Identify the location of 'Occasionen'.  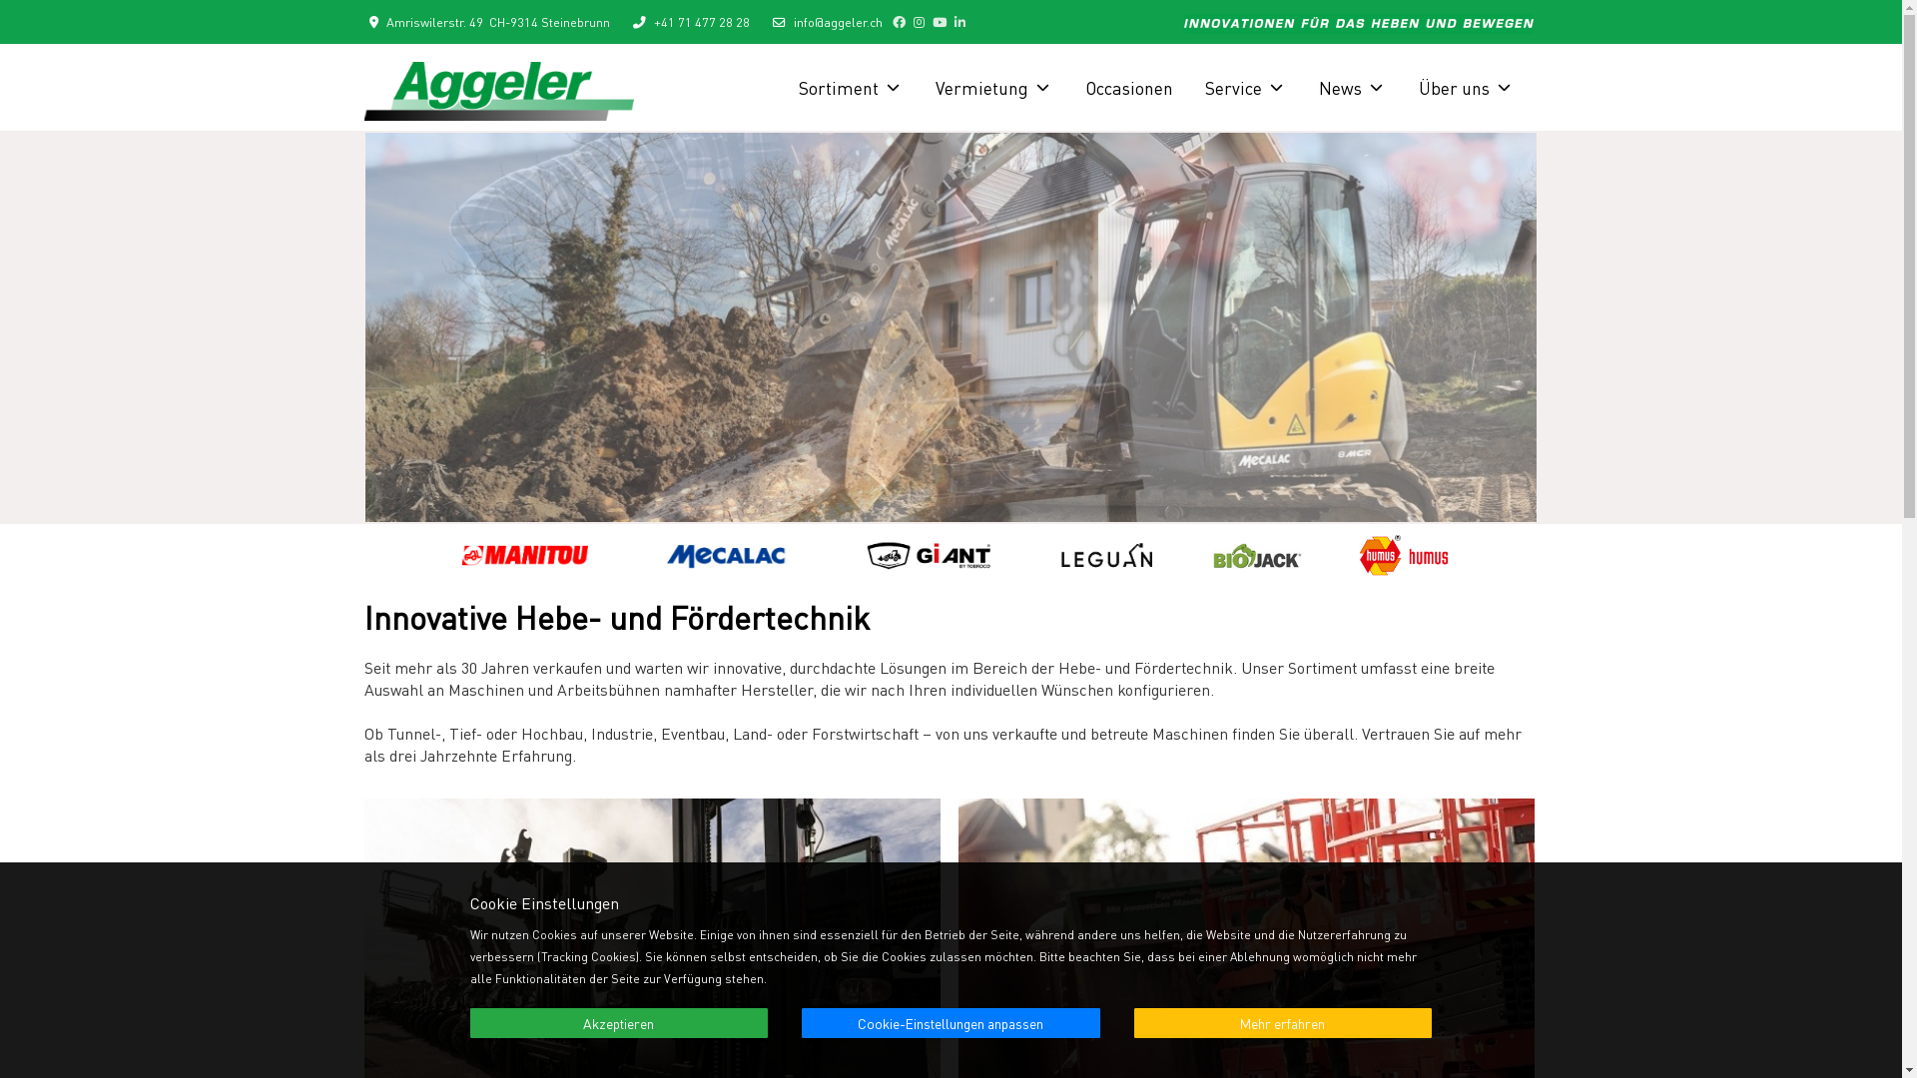
(1067, 87).